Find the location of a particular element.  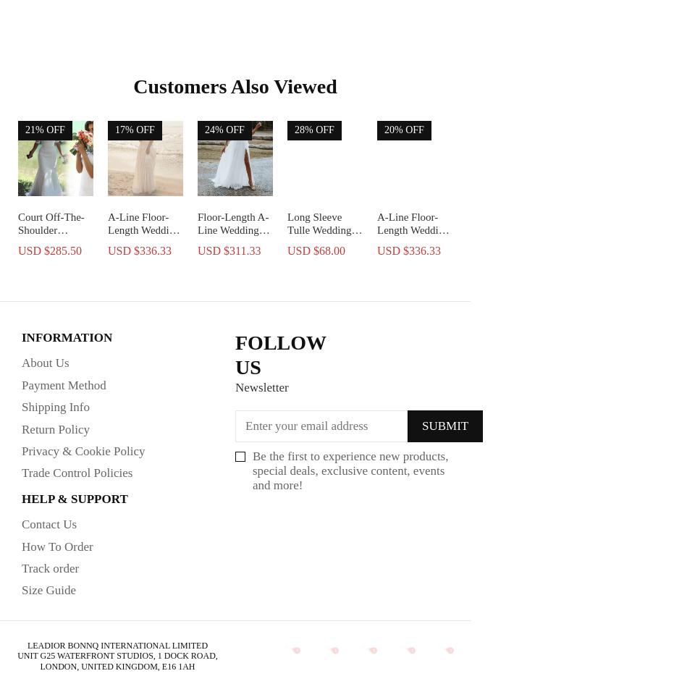

'USD $311.33' is located at coordinates (229, 249).